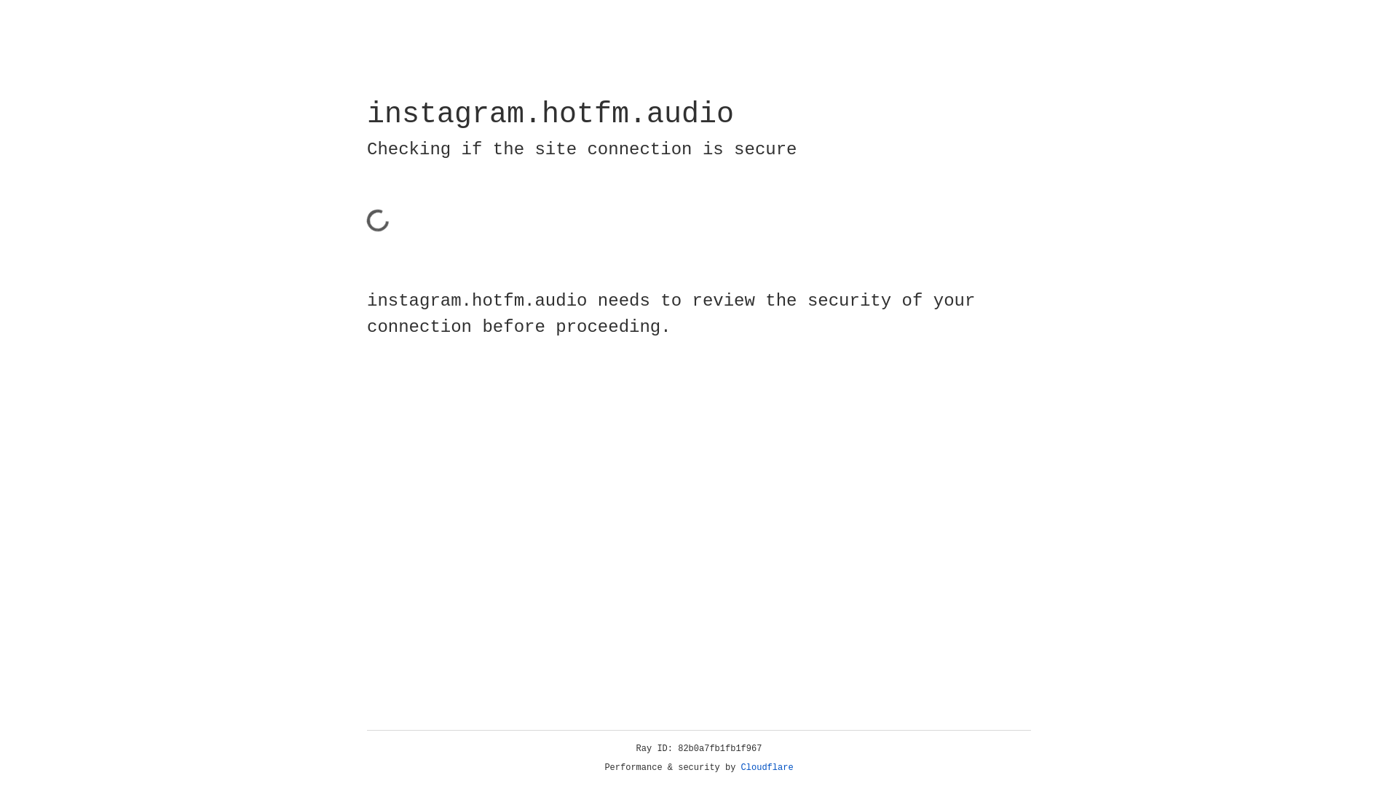 Image resolution: width=1398 pixels, height=786 pixels. What do you see at coordinates (767, 767) in the screenshot?
I see `'Cloudflare'` at bounding box center [767, 767].